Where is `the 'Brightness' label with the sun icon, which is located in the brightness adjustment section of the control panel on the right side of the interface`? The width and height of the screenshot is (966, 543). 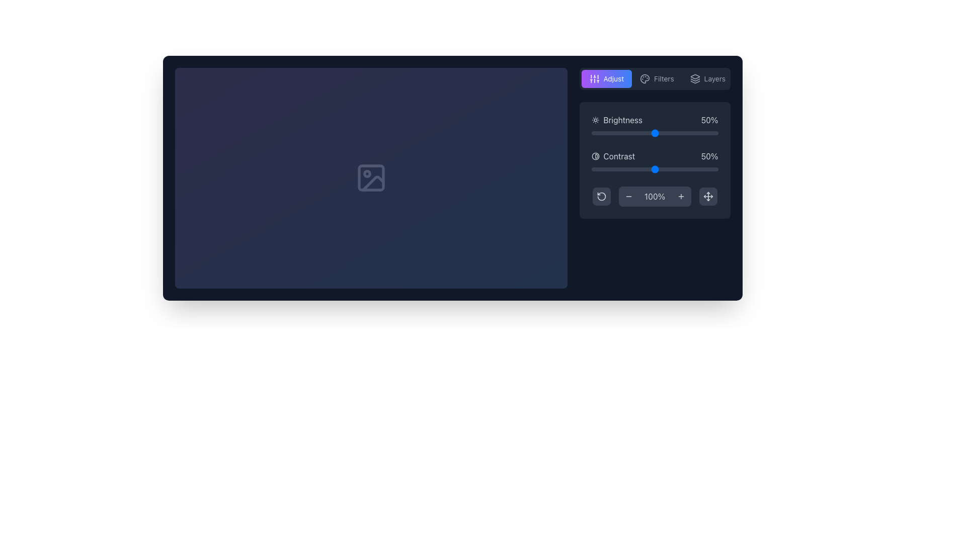 the 'Brightness' label with the sun icon, which is located in the brightness adjustment section of the control panel on the right side of the interface is located at coordinates (616, 120).